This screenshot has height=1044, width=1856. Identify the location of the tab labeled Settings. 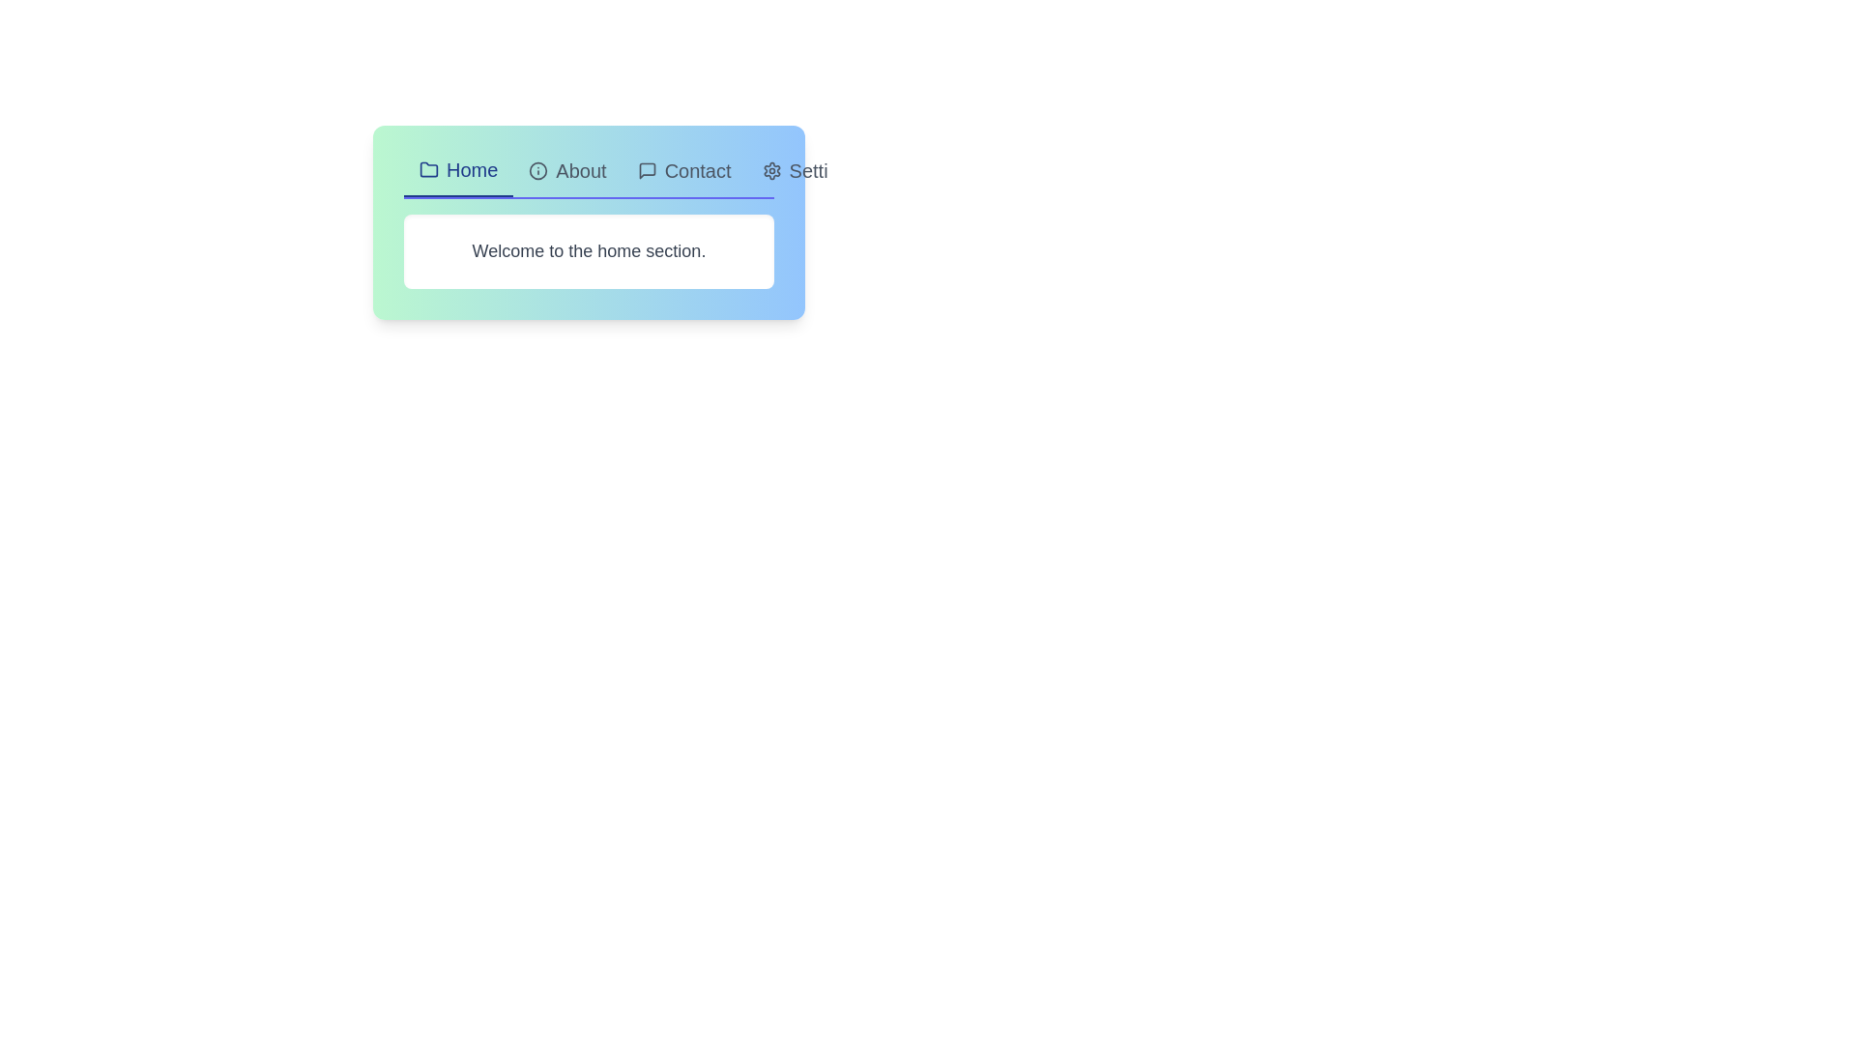
(810, 176).